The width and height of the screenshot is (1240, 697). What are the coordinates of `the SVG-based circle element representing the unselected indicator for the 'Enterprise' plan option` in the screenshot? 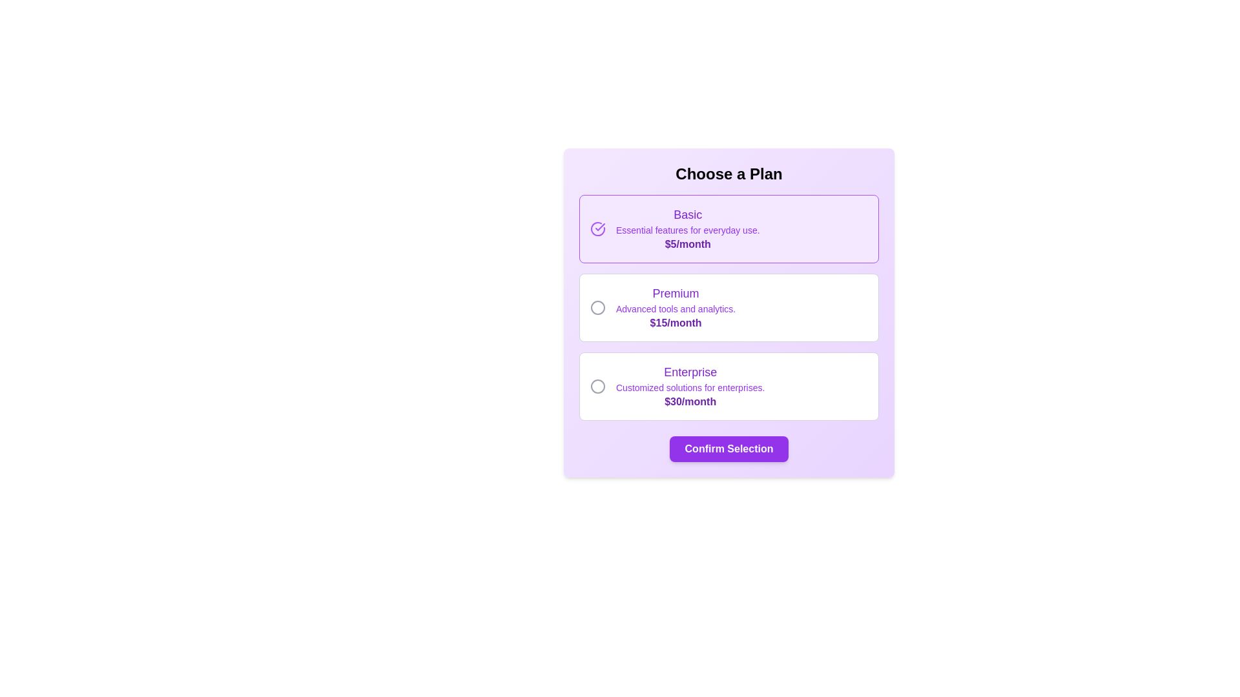 It's located at (597, 385).